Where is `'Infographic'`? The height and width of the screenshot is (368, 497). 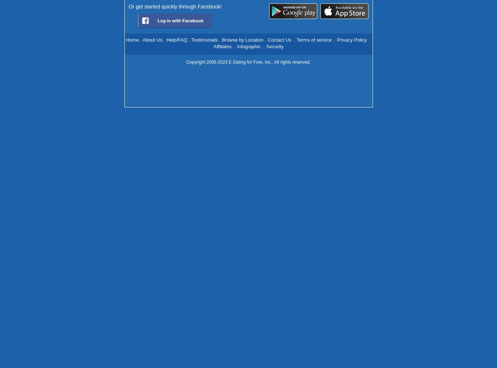
'Infographic' is located at coordinates (237, 46).